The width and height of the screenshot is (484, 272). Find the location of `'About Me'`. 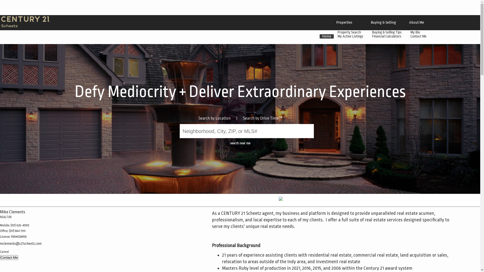

'About Me' is located at coordinates (416, 22).